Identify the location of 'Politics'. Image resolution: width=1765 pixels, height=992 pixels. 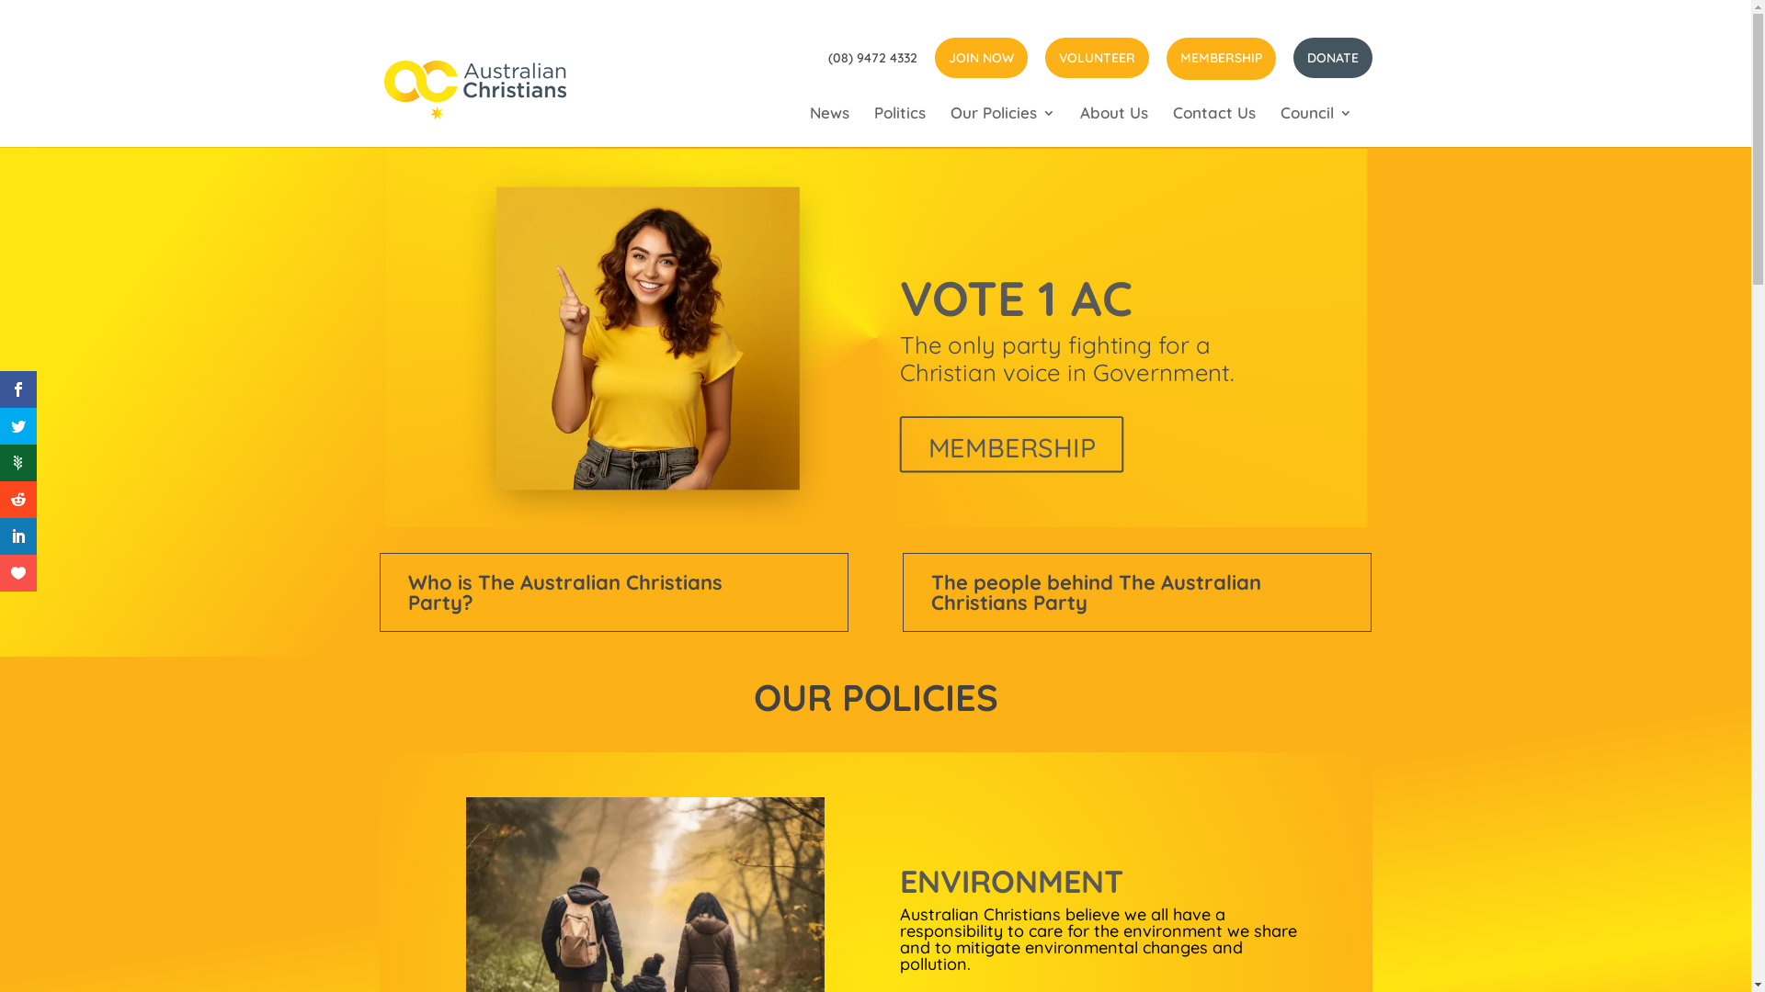
(899, 126).